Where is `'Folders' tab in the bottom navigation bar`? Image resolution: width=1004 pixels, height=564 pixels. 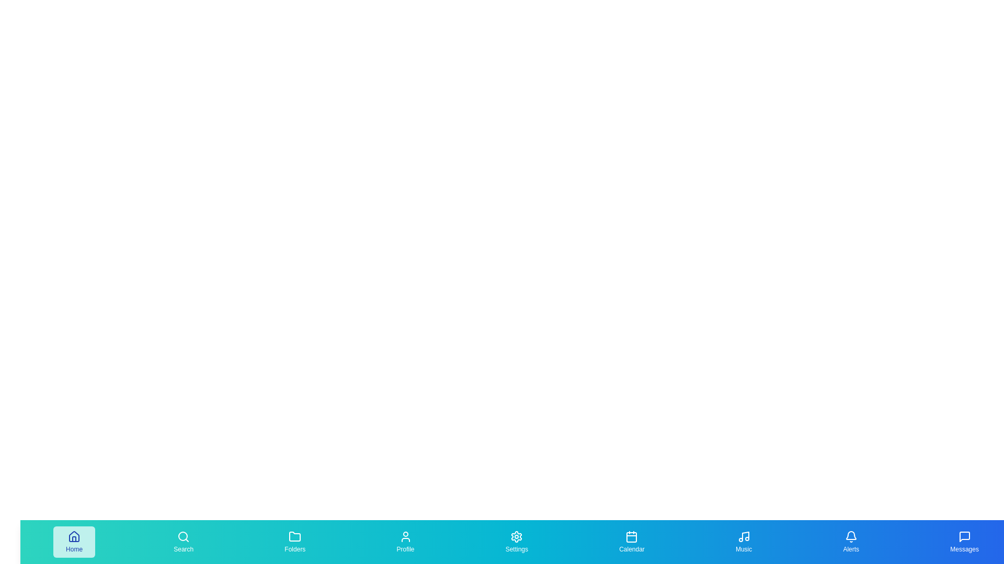
'Folders' tab in the bottom navigation bar is located at coordinates (294, 541).